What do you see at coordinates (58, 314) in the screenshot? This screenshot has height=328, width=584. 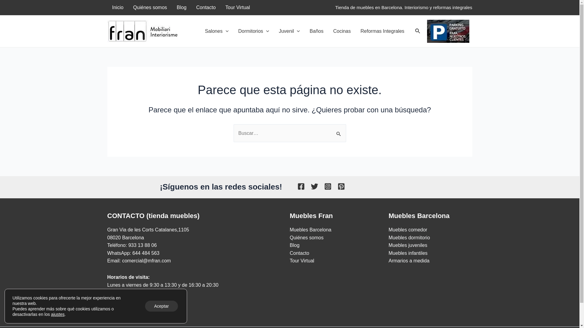 I see `'ajustes'` at bounding box center [58, 314].